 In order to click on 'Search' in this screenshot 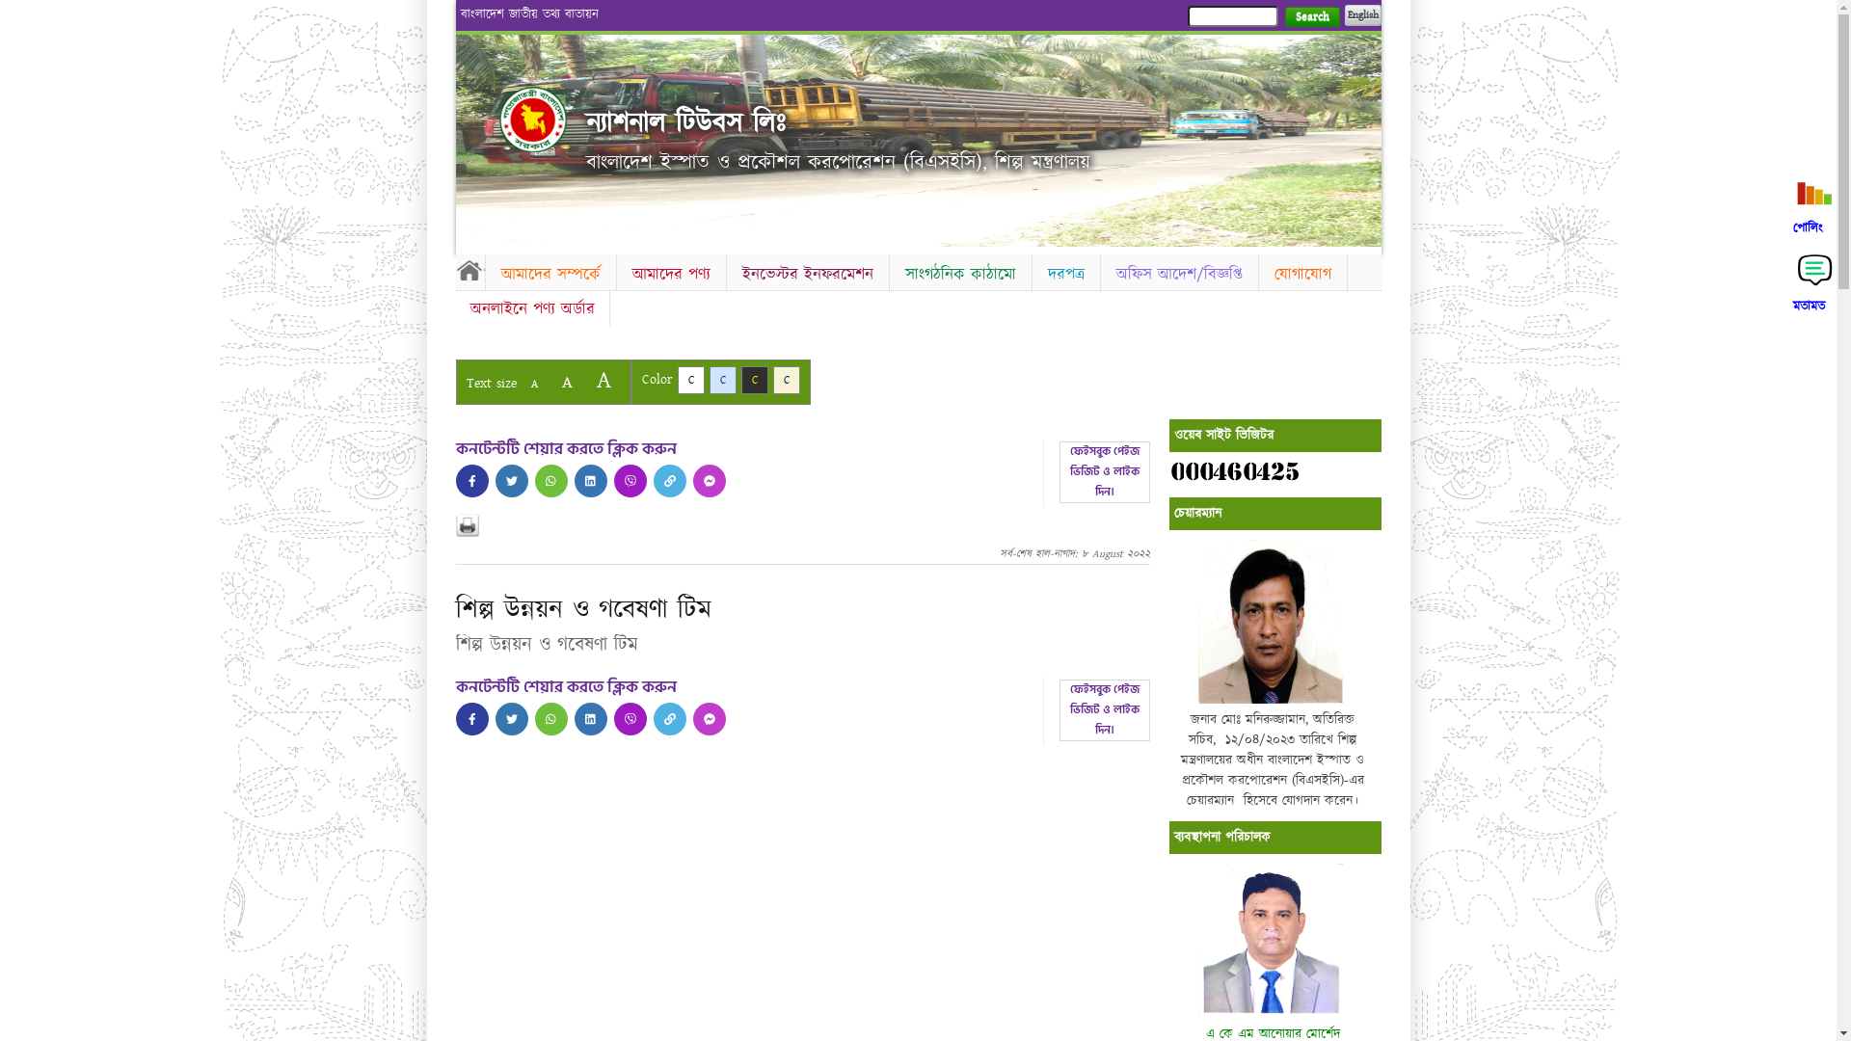, I will do `click(1311, 16)`.